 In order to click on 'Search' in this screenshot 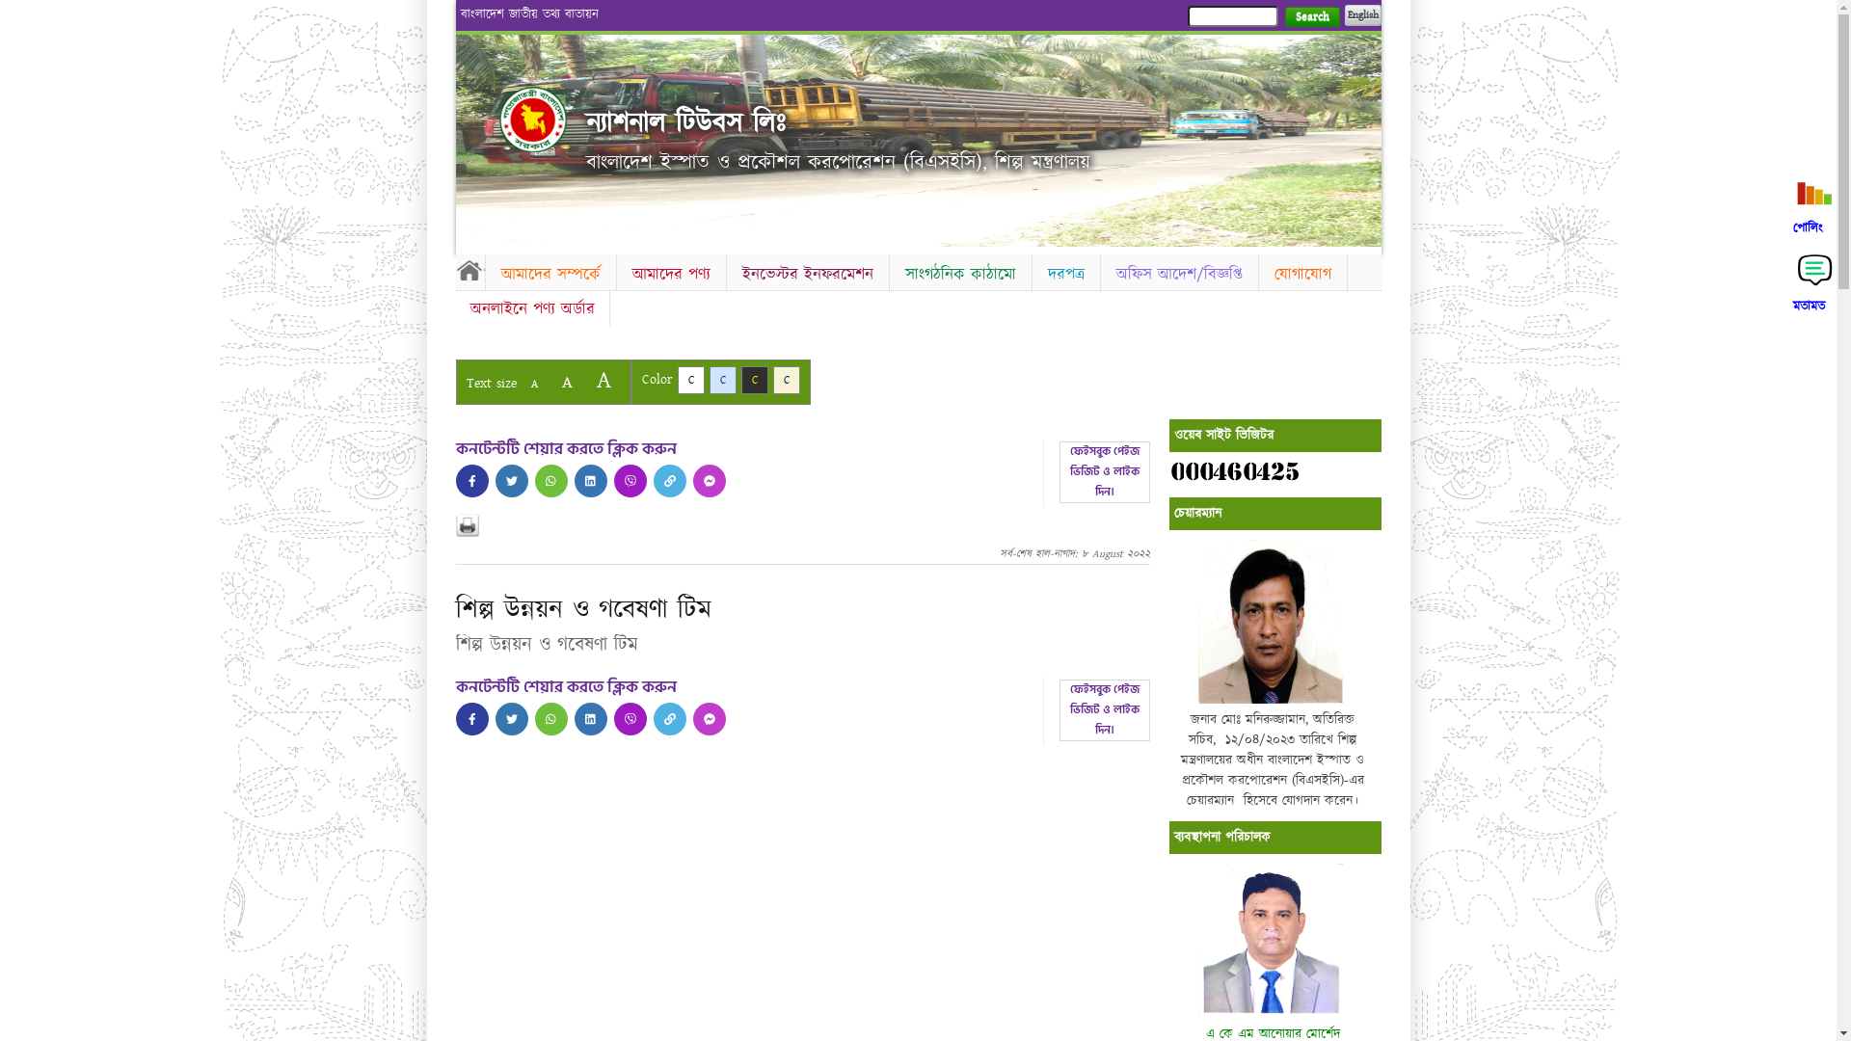, I will do `click(1311, 16)`.